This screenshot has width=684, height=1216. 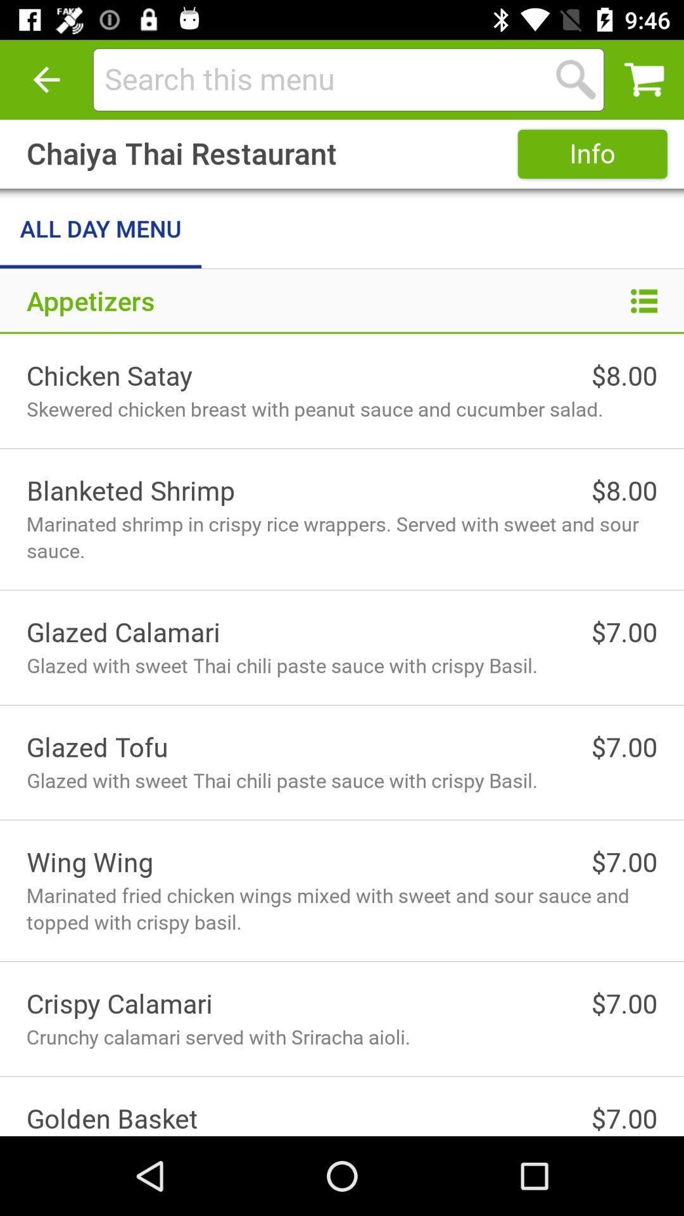 I want to click on item above the chaiya thai restaurant icon, so click(x=46, y=79).